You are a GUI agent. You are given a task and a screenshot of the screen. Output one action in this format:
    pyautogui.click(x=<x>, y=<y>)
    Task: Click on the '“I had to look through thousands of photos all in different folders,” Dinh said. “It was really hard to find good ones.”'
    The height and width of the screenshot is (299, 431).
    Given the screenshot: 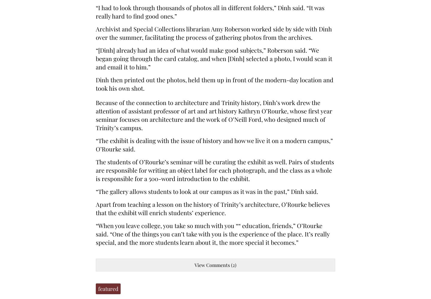 What is the action you would take?
    pyautogui.click(x=210, y=12)
    